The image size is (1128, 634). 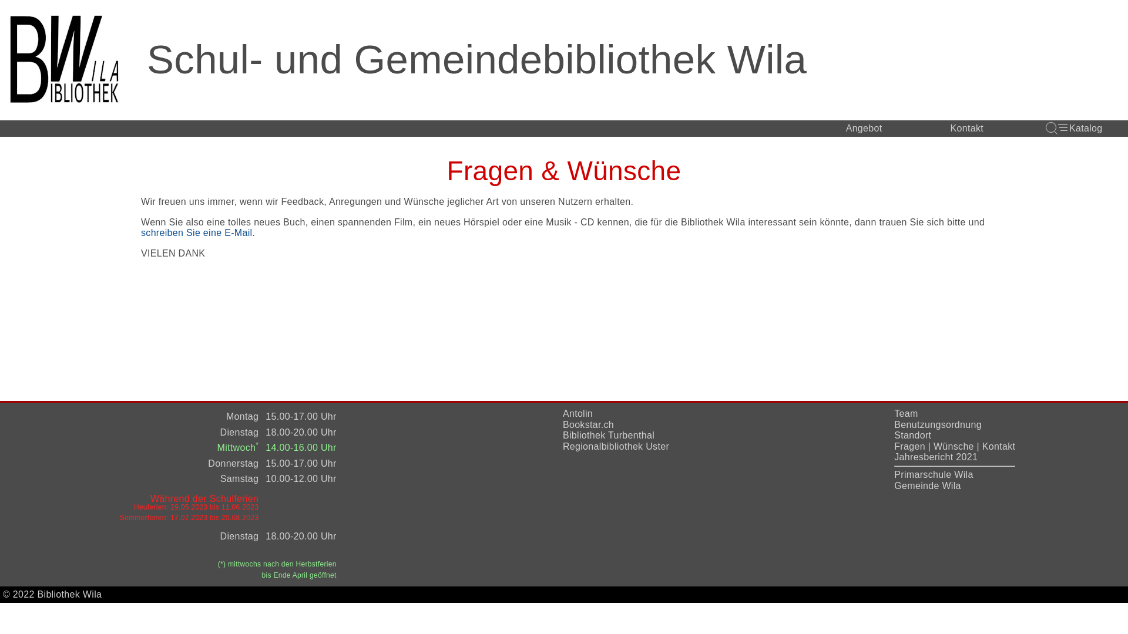 What do you see at coordinates (927, 485) in the screenshot?
I see `'Gemeinde Wila'` at bounding box center [927, 485].